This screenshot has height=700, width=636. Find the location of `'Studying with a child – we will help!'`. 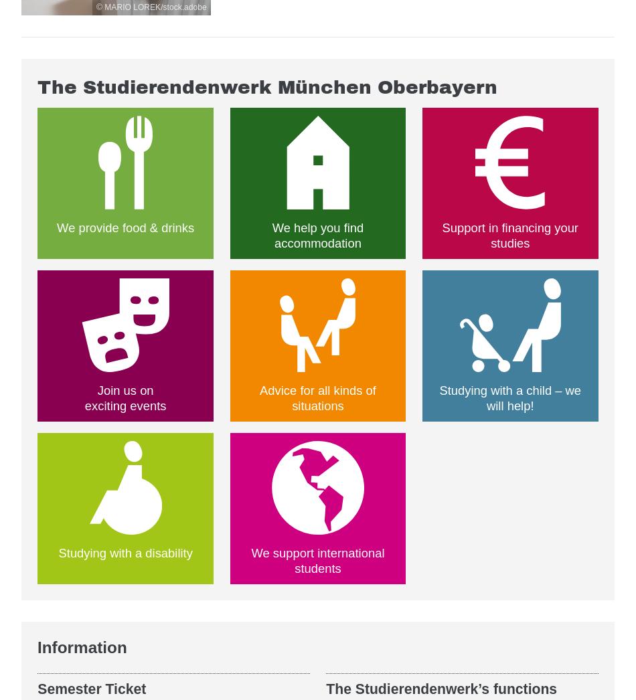

'Studying with a child – we will help!' is located at coordinates (439, 398).